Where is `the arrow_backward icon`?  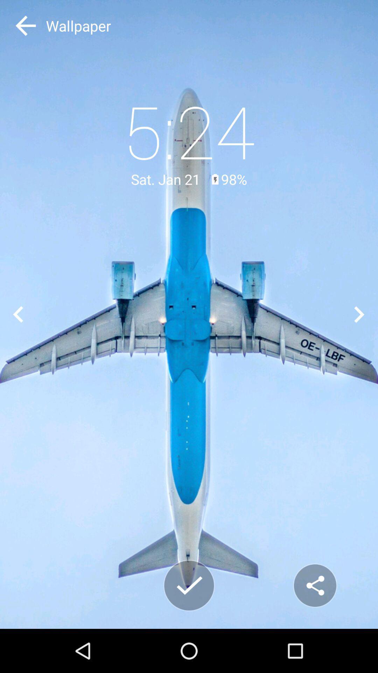 the arrow_backward icon is located at coordinates (18, 314).